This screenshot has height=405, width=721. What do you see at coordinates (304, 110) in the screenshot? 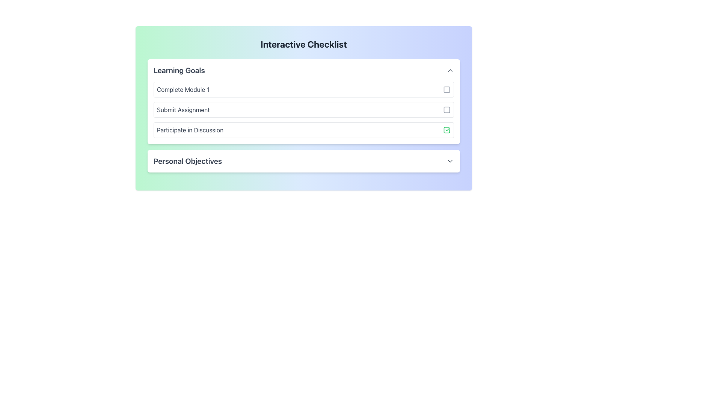
I see `the interactive list item for the task 'Submit Assignment' in the checklist interface` at bounding box center [304, 110].